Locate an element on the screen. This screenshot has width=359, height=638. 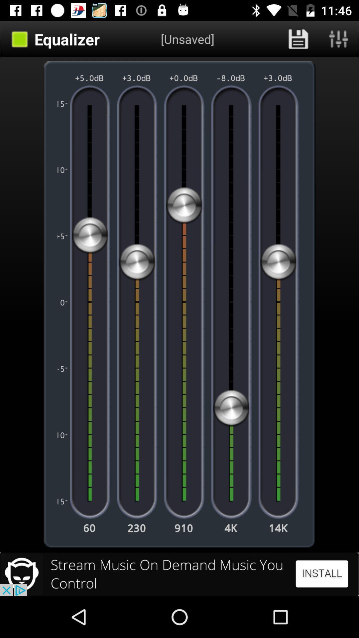
open equalizer presets is located at coordinates (339, 39).